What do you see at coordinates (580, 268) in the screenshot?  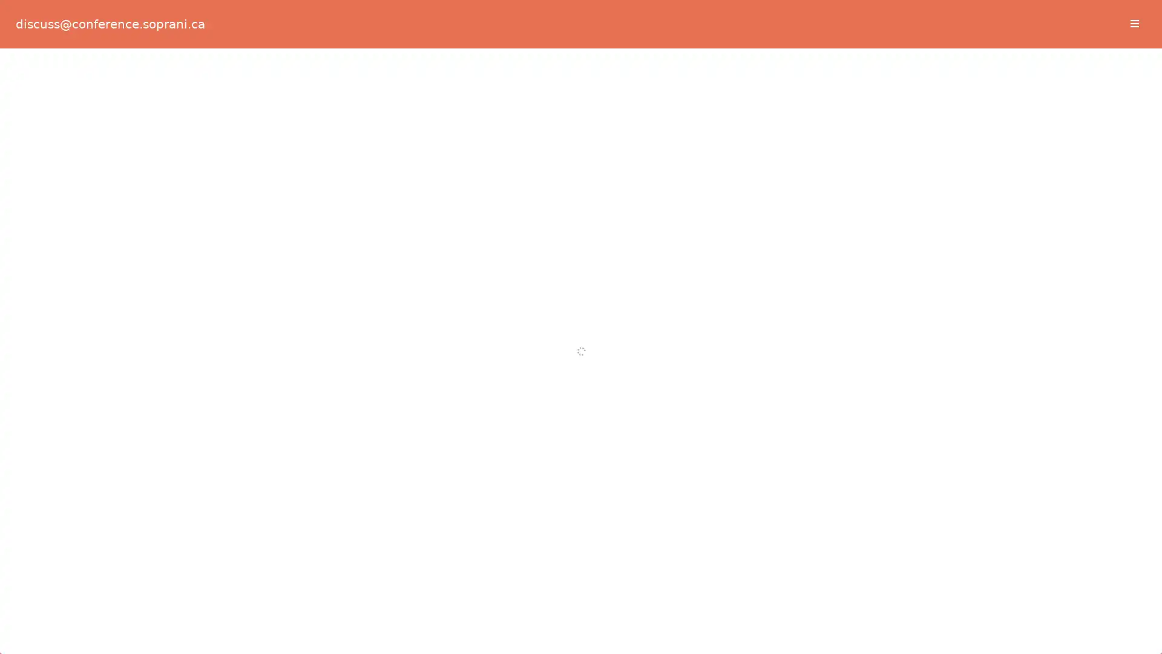 I see `Enter groupchat` at bounding box center [580, 268].